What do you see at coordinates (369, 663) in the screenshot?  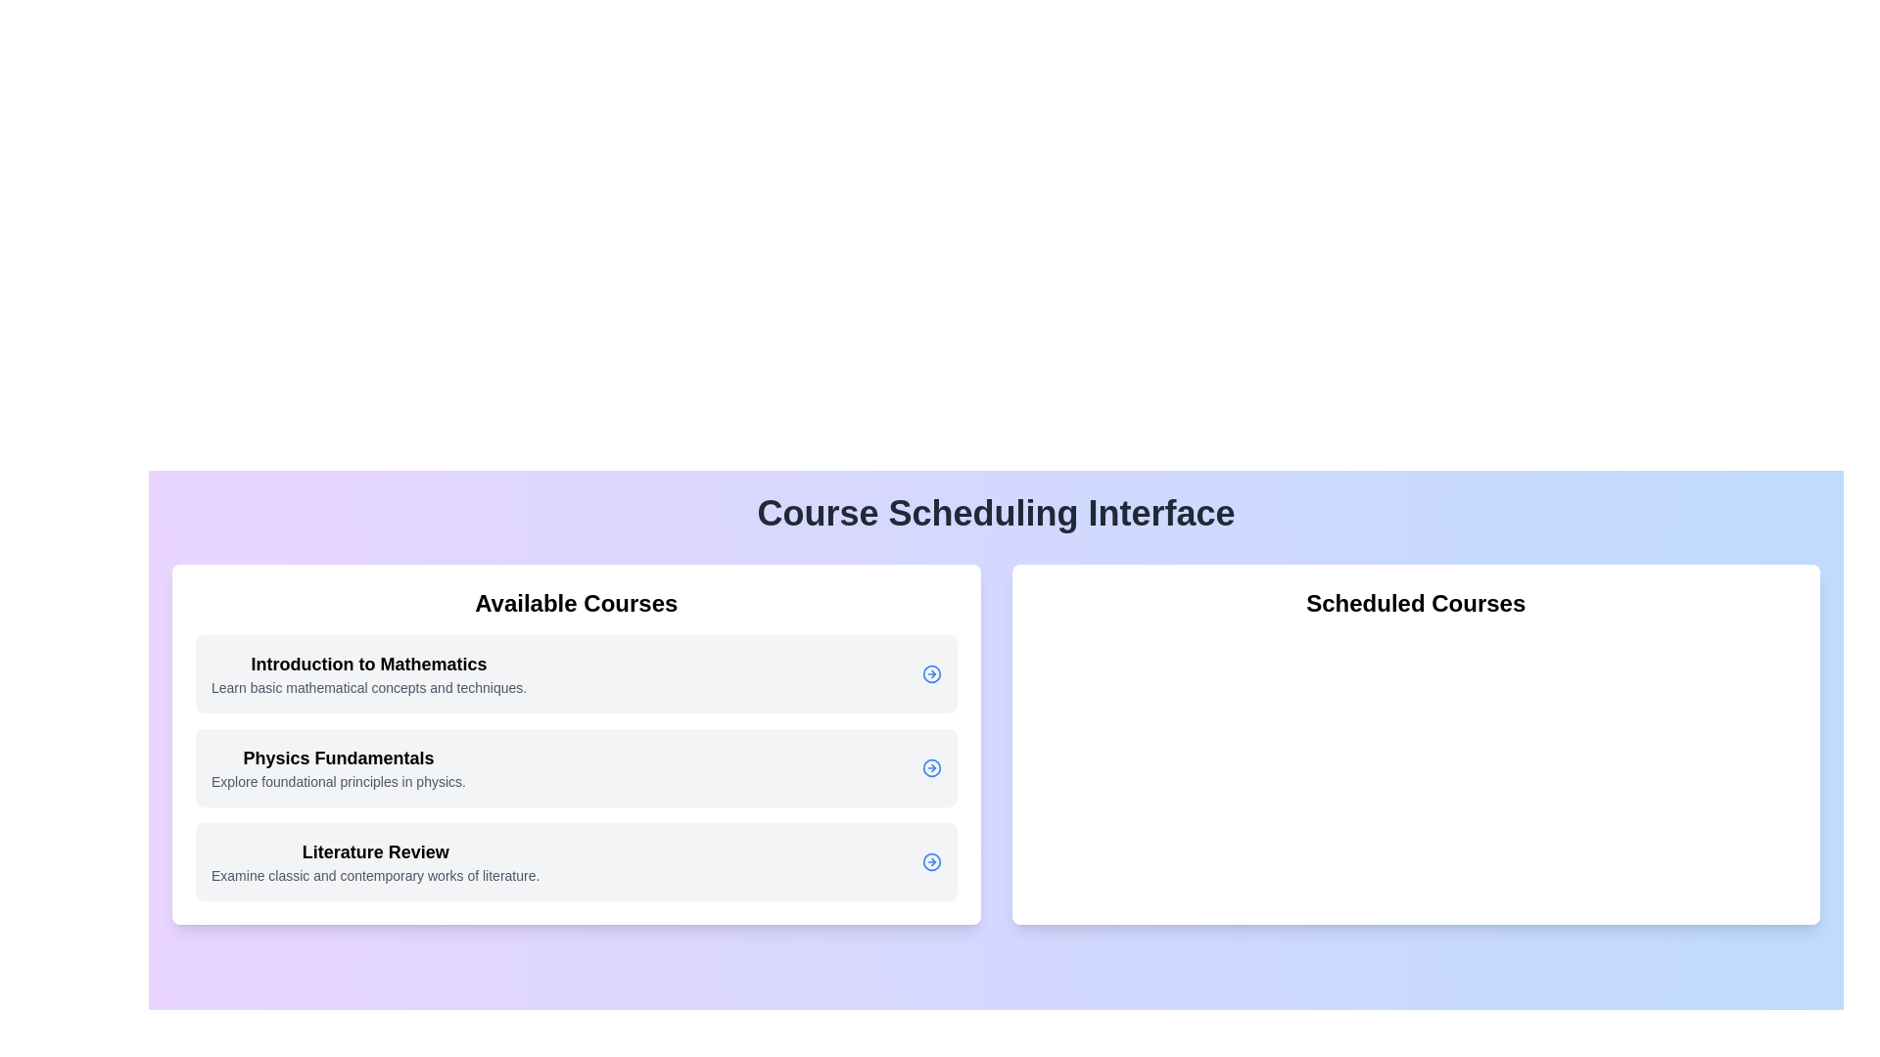 I see `contents of the text label that serves as the title for the 'Introduction to Mathematics' course, located in the middle-left panel under 'Available Courses.'` at bounding box center [369, 663].